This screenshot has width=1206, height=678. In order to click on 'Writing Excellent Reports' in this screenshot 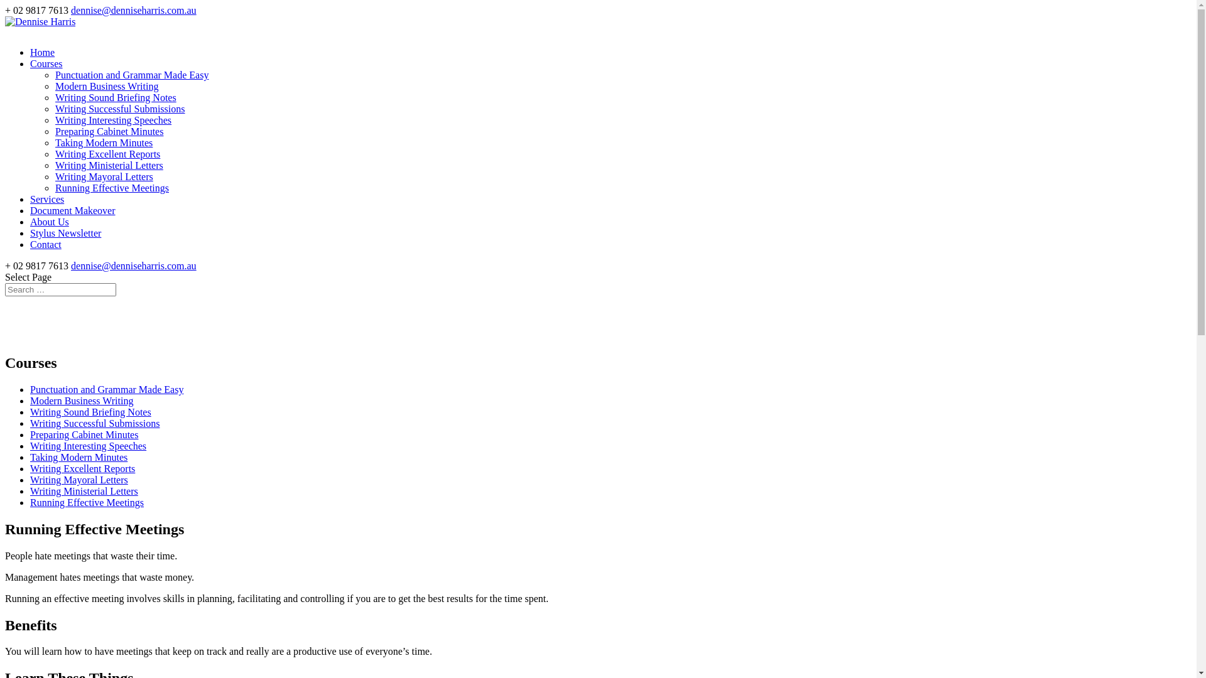, I will do `click(82, 468)`.